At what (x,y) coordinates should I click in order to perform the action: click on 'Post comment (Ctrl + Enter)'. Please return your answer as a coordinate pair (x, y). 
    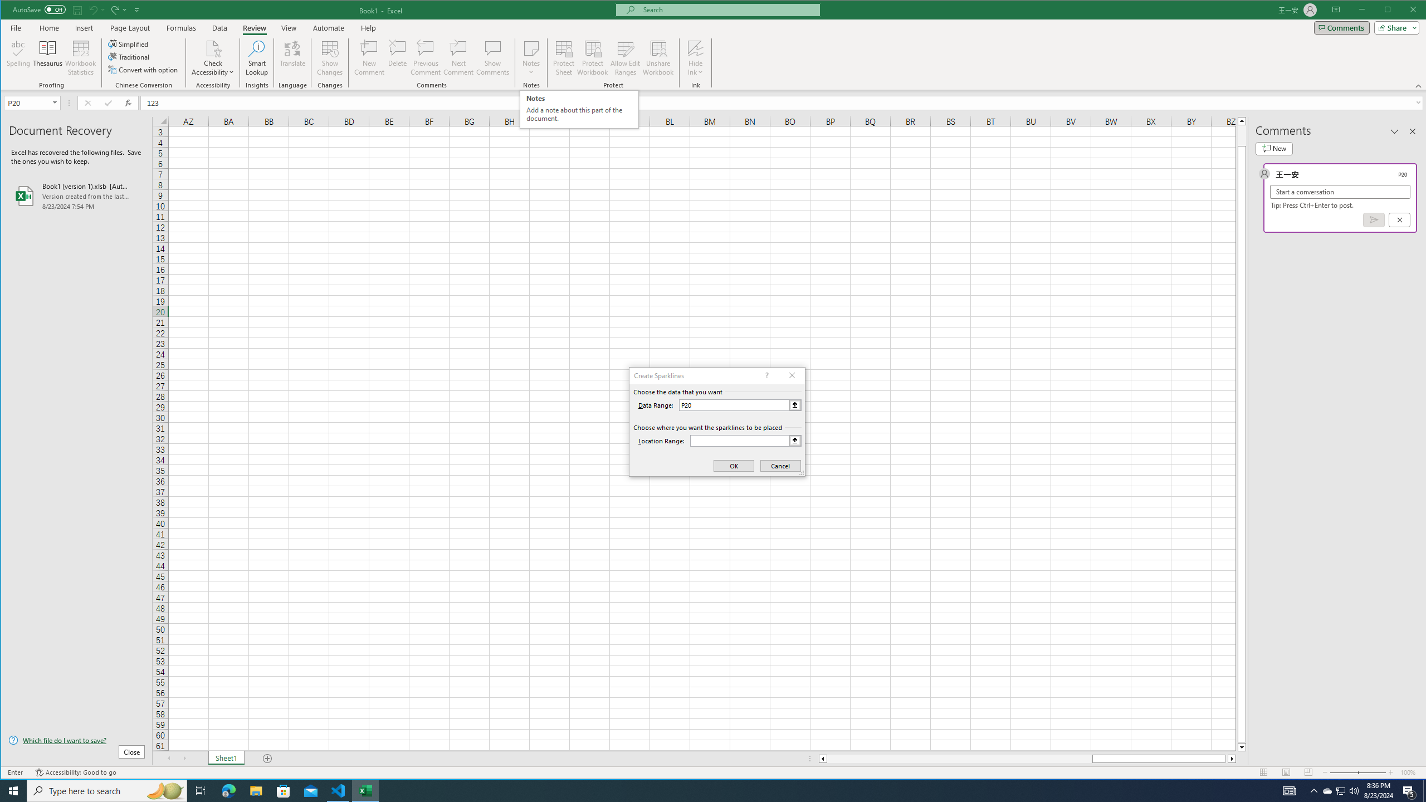
    Looking at the image, I should click on (1374, 219).